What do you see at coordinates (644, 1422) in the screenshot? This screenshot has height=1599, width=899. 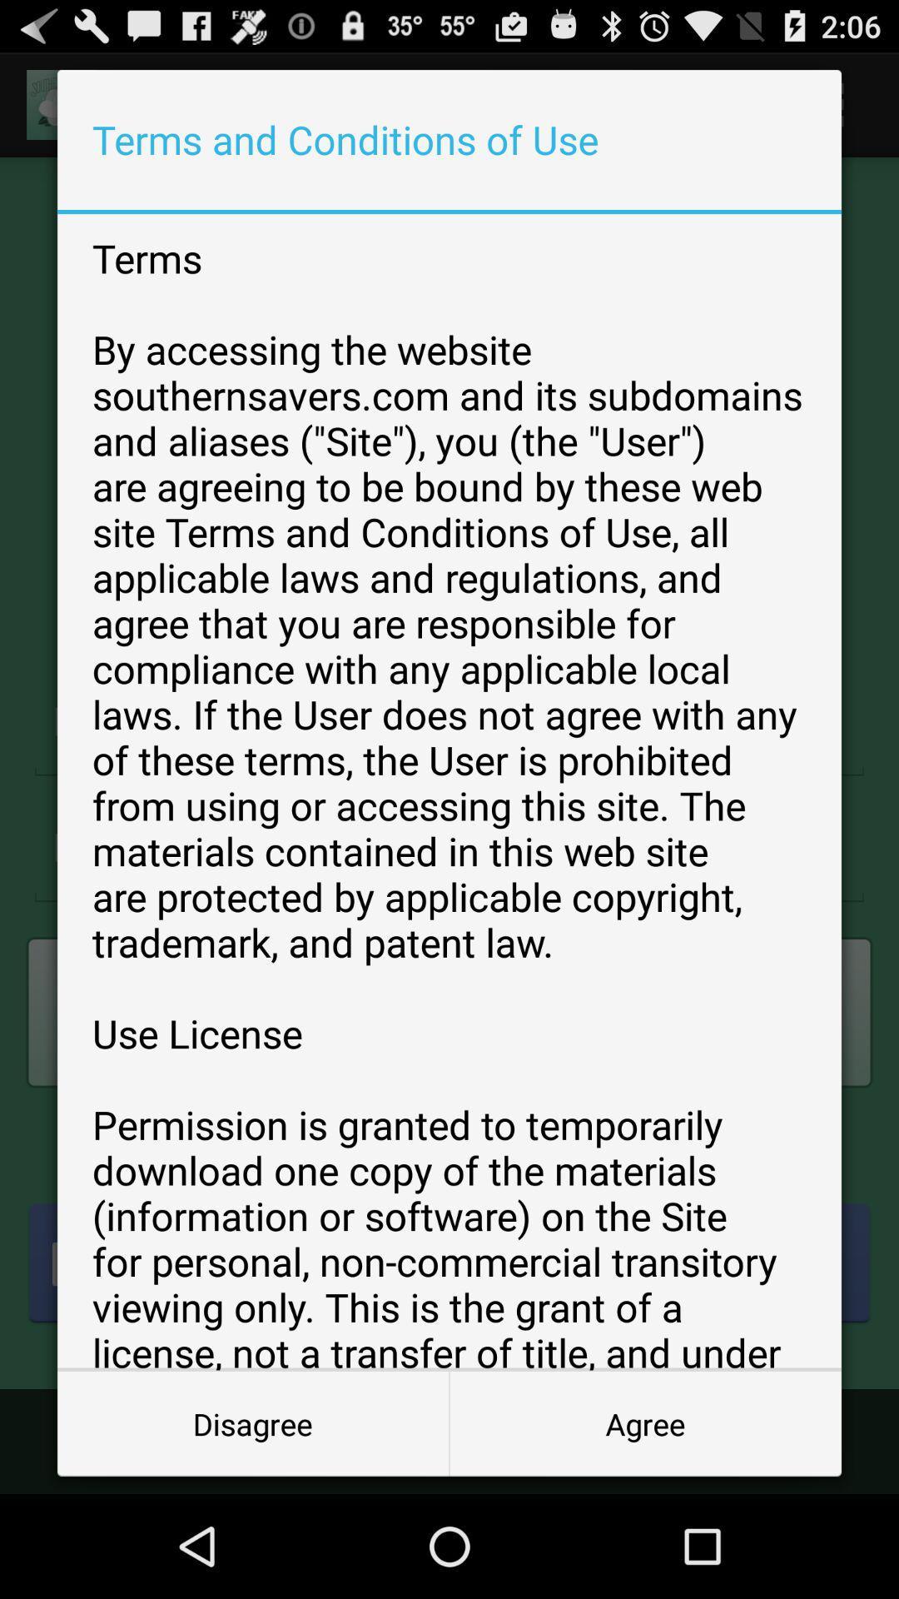 I see `the agree icon` at bounding box center [644, 1422].